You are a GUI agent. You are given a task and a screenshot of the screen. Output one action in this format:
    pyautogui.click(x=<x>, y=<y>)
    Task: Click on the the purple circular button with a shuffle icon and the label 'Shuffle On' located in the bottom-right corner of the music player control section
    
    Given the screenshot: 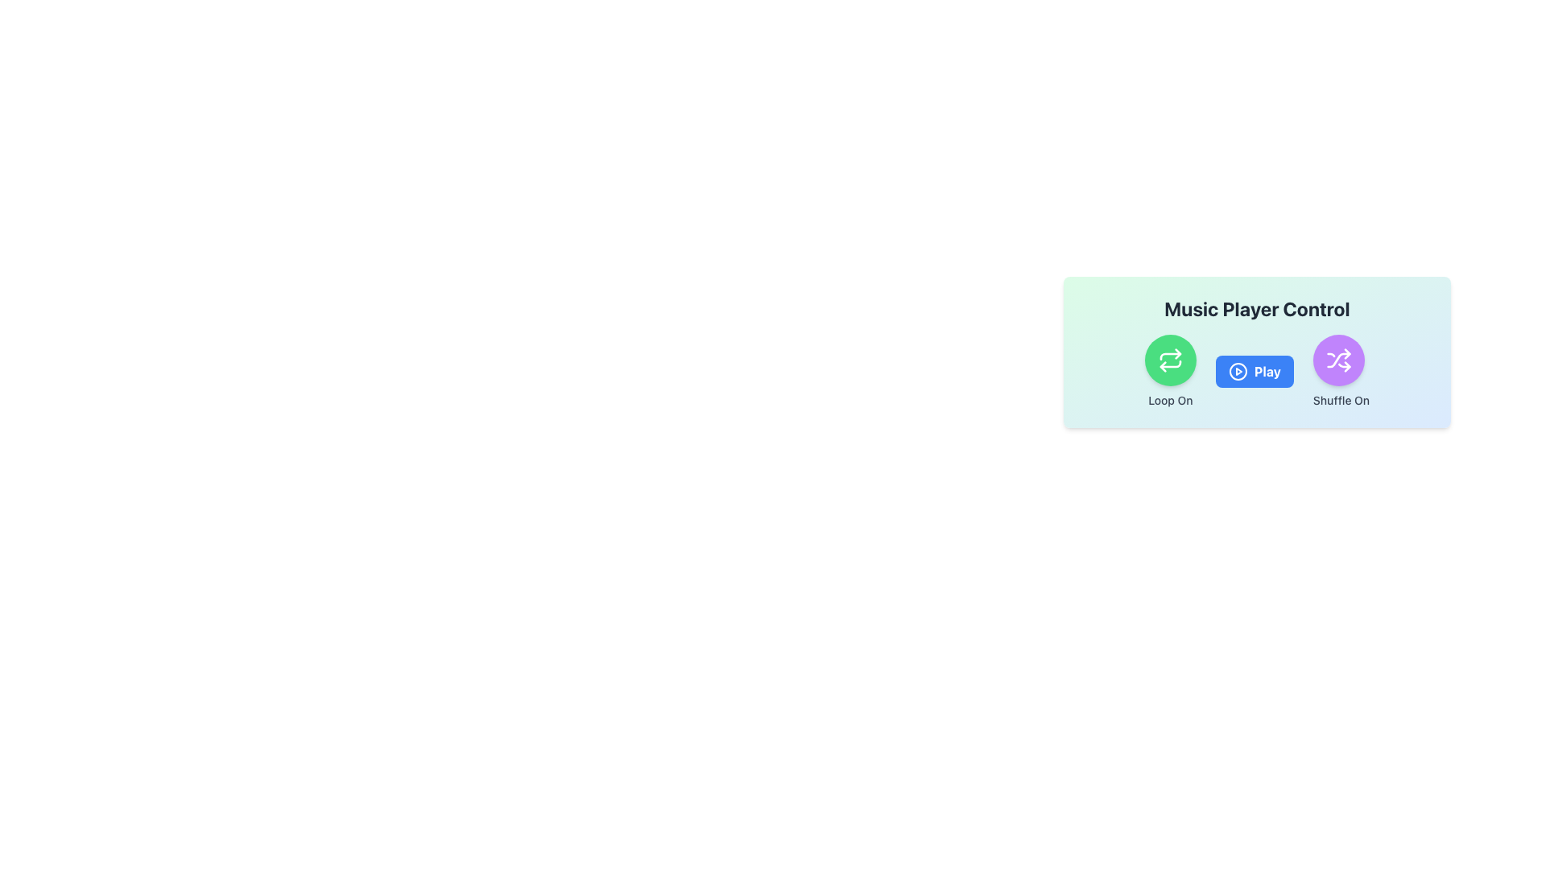 What is the action you would take?
    pyautogui.click(x=1341, y=372)
    